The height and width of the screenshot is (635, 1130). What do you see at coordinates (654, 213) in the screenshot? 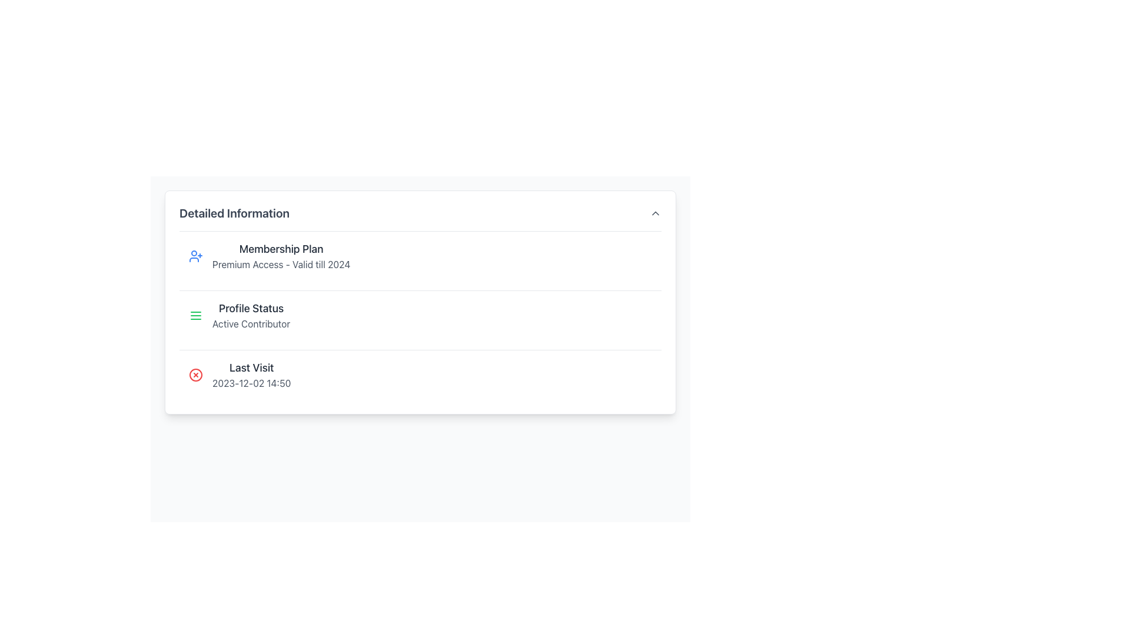
I see `the expand/collapse icon located to the right of the 'Detailed Information' label in the header row to emphasize or highlight the icon` at bounding box center [654, 213].